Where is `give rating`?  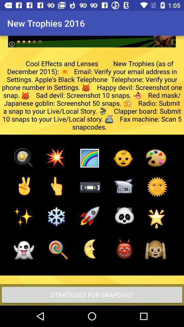 give rating is located at coordinates (92, 36).